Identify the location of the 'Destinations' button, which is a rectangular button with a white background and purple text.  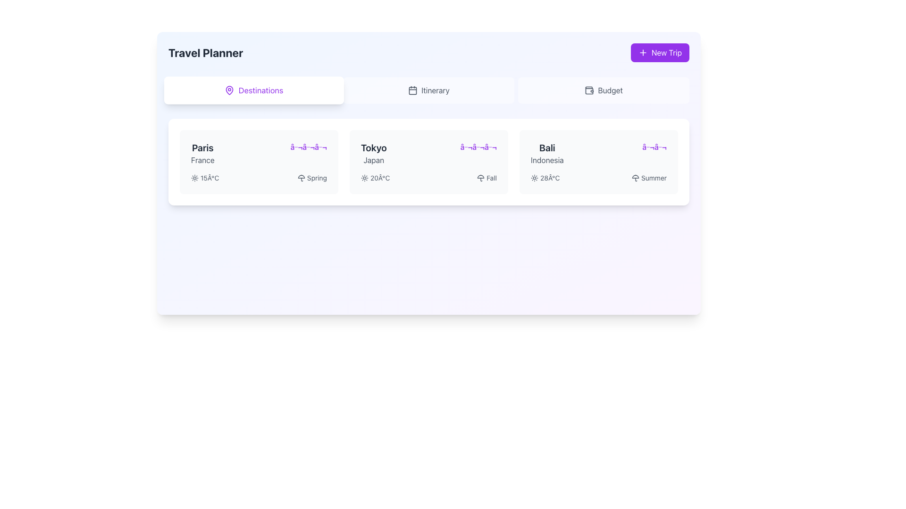
(254, 90).